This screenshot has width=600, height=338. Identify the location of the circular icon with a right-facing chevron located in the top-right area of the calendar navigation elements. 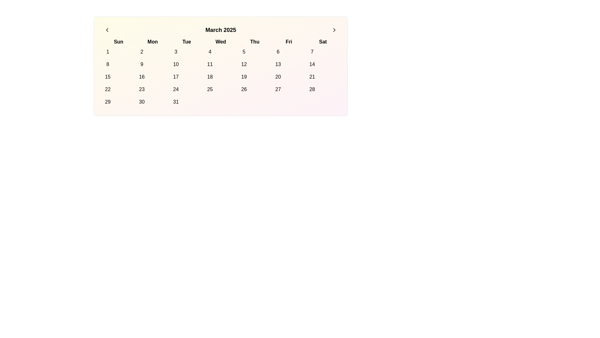
(334, 30).